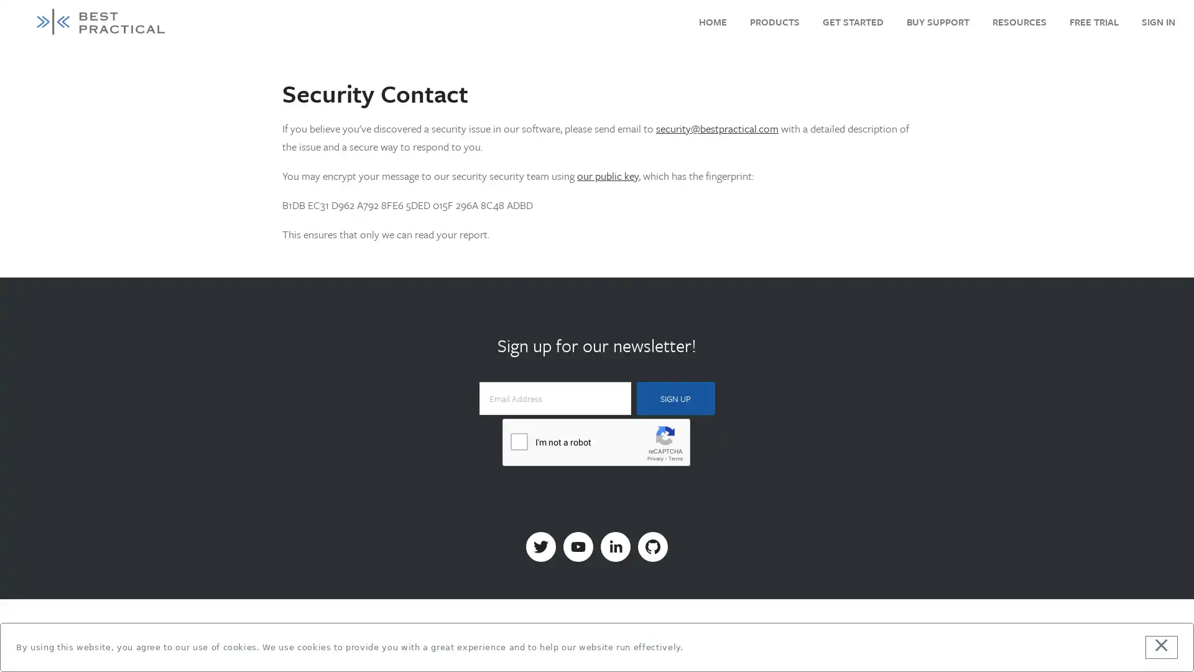  I want to click on SIGN UP, so click(674, 398).